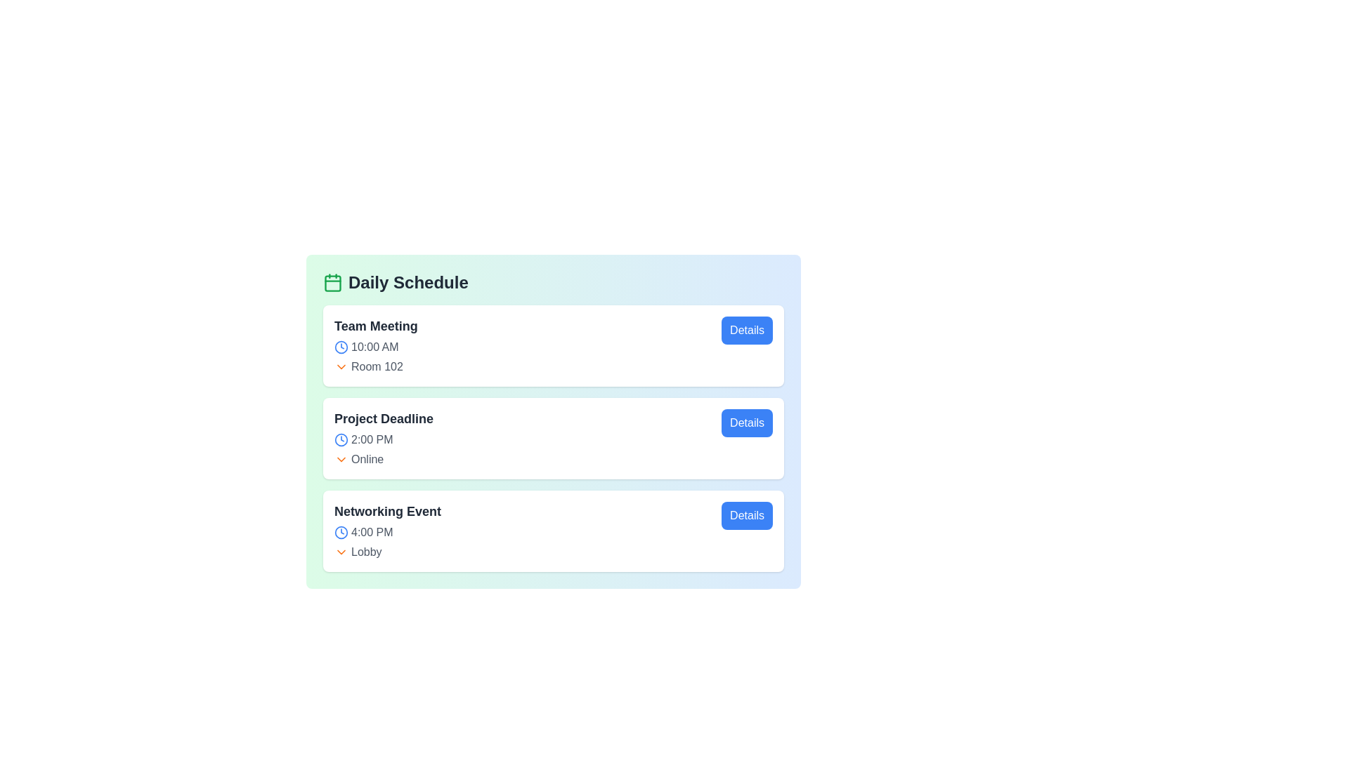  What do you see at coordinates (384, 418) in the screenshot?
I see `text 'Project Deadline' from the label styled with bold and large font located above the '2:00 PM' time indicator in the second section of the schedule` at bounding box center [384, 418].